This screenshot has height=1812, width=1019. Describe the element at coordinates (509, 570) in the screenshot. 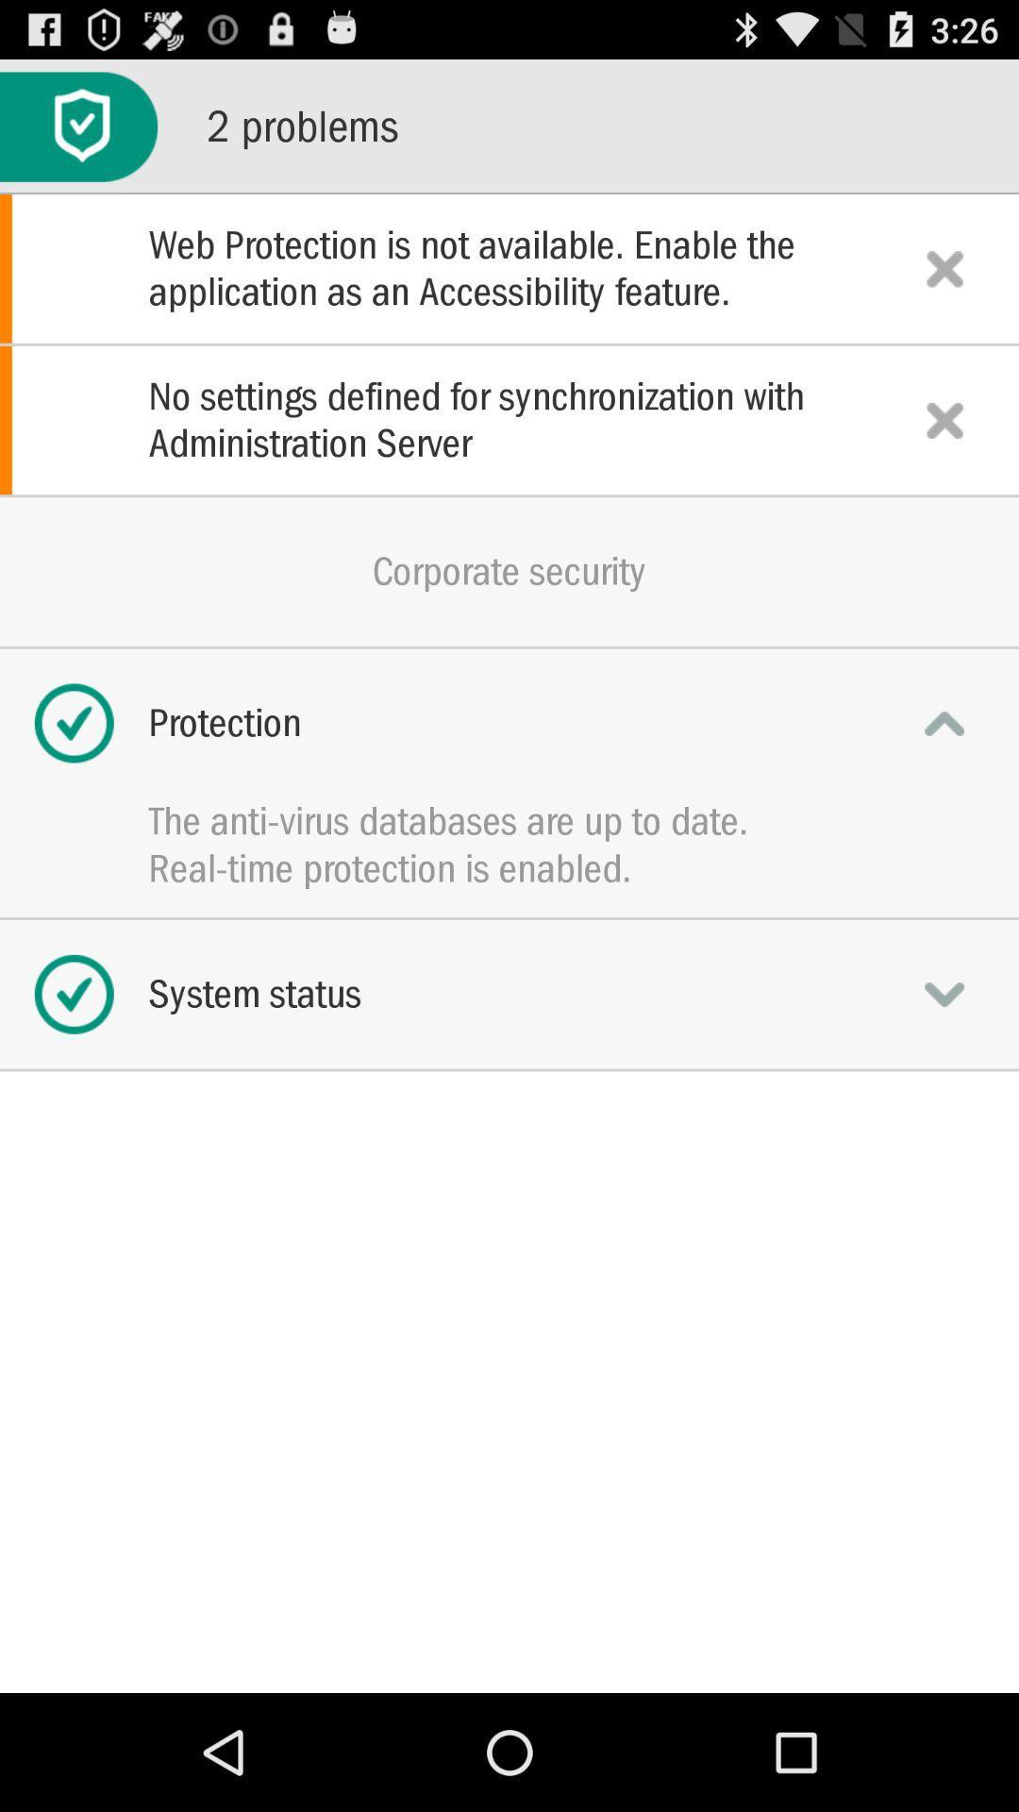

I see `the corporate security` at that location.